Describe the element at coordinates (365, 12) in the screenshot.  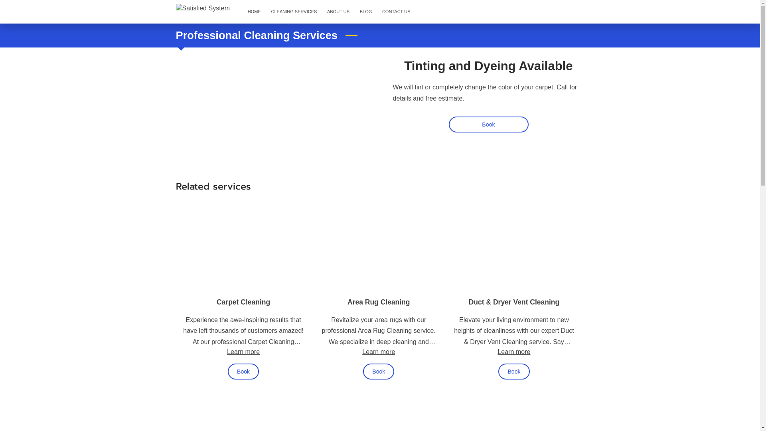
I see `'BLOG'` at that location.